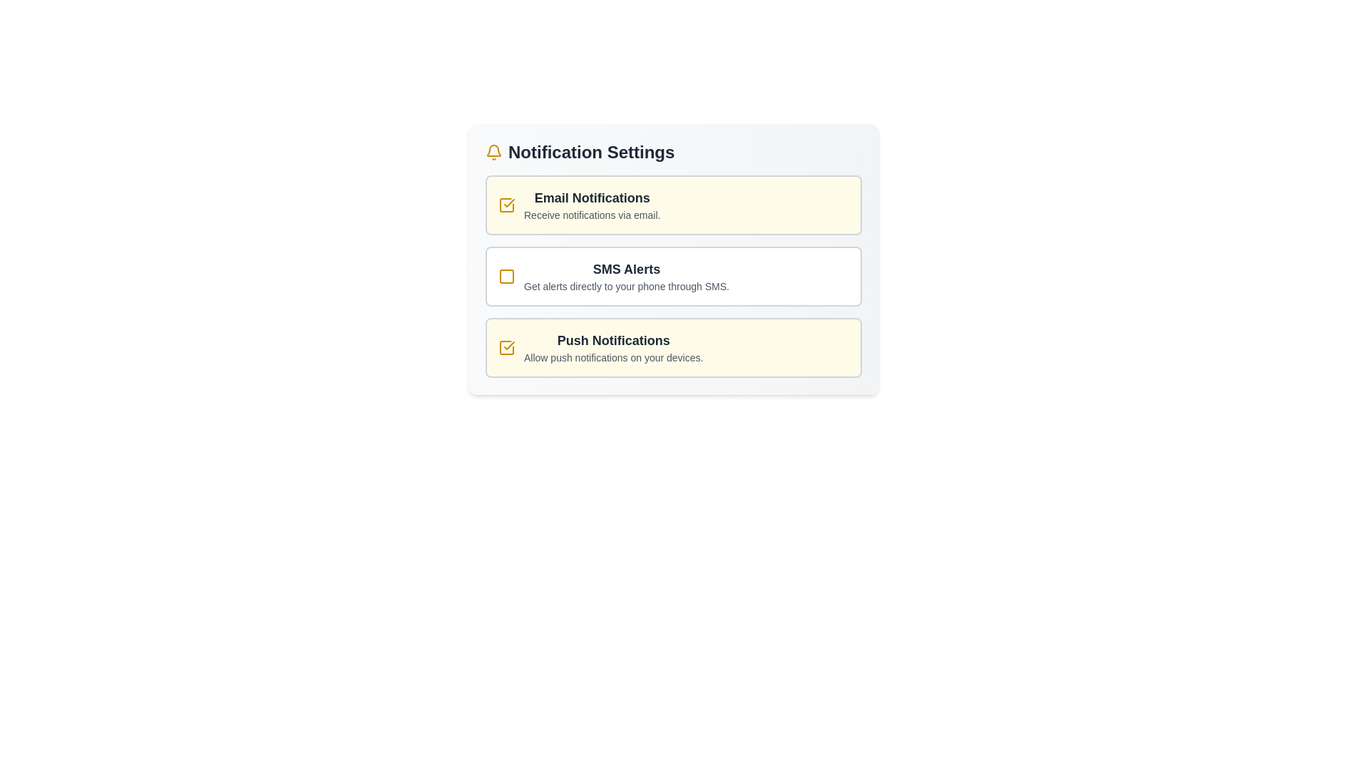 The height and width of the screenshot is (770, 1369). Describe the element at coordinates (506, 277) in the screenshot. I see `the checkbox indicating the state of 'SMS Alerts' in the Notification Settings interface` at that location.